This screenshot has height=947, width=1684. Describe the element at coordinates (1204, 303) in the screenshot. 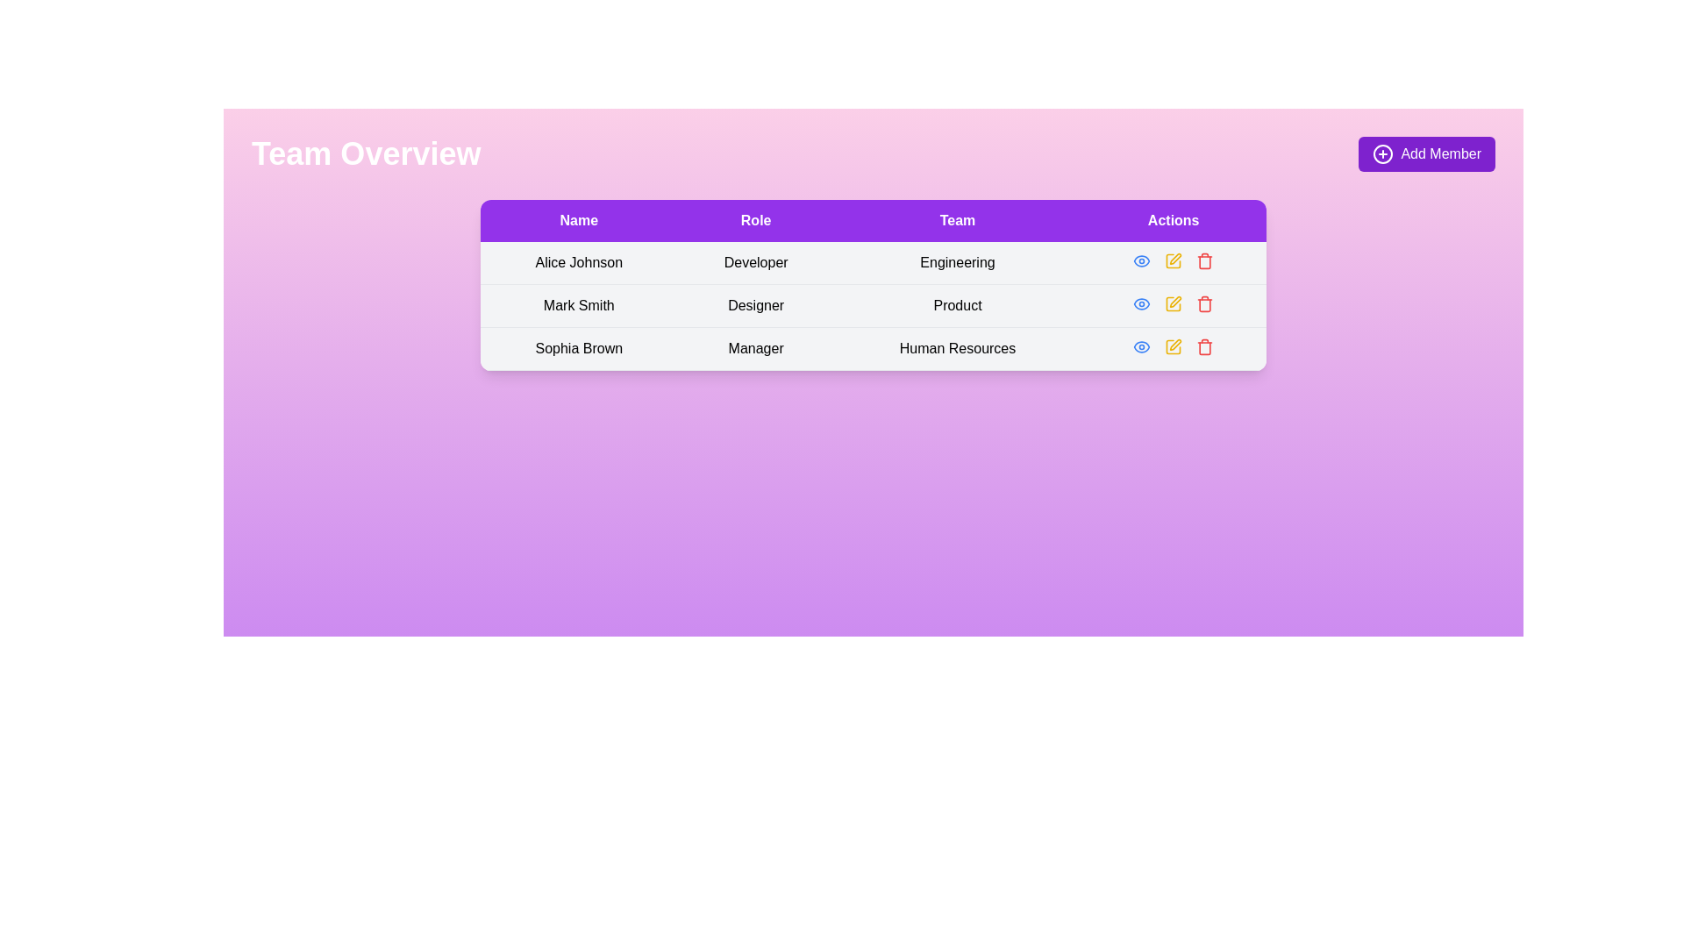

I see `the delete button located in the 'Actions' column of the second row in the displayed table` at that location.